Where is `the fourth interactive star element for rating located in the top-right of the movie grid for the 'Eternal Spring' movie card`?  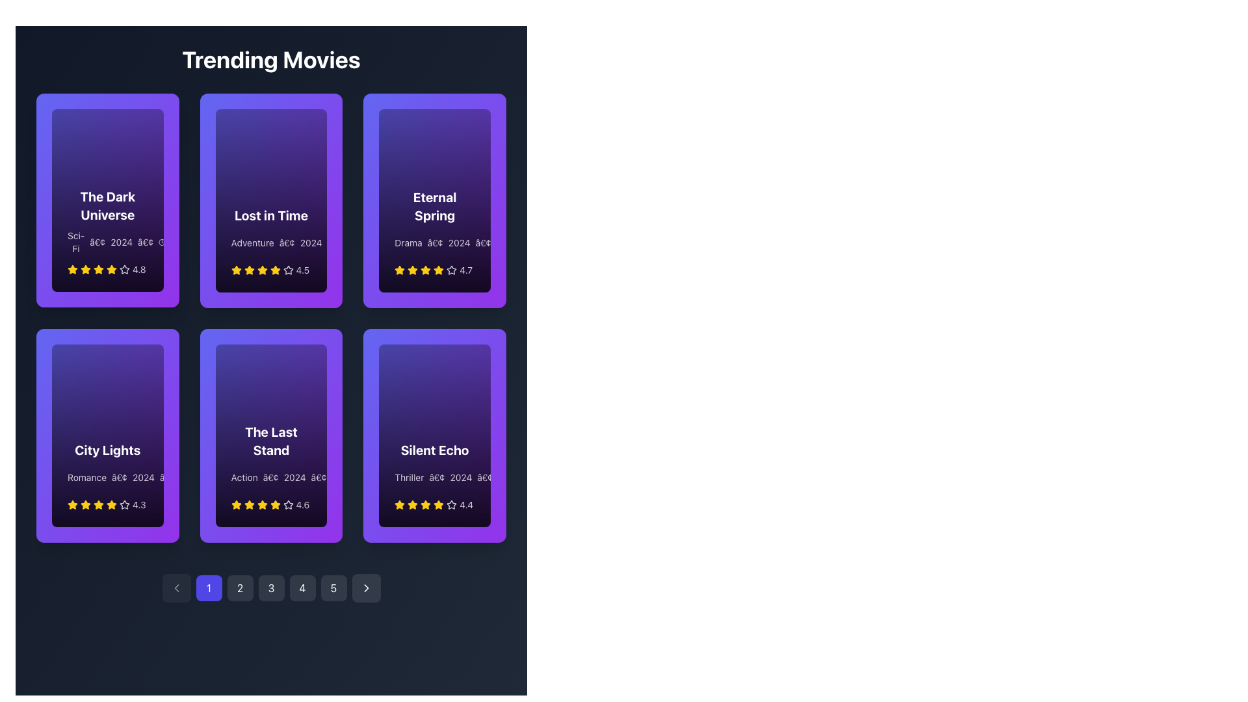
the fourth interactive star element for rating located in the top-right of the movie grid for the 'Eternal Spring' movie card is located at coordinates (439, 269).